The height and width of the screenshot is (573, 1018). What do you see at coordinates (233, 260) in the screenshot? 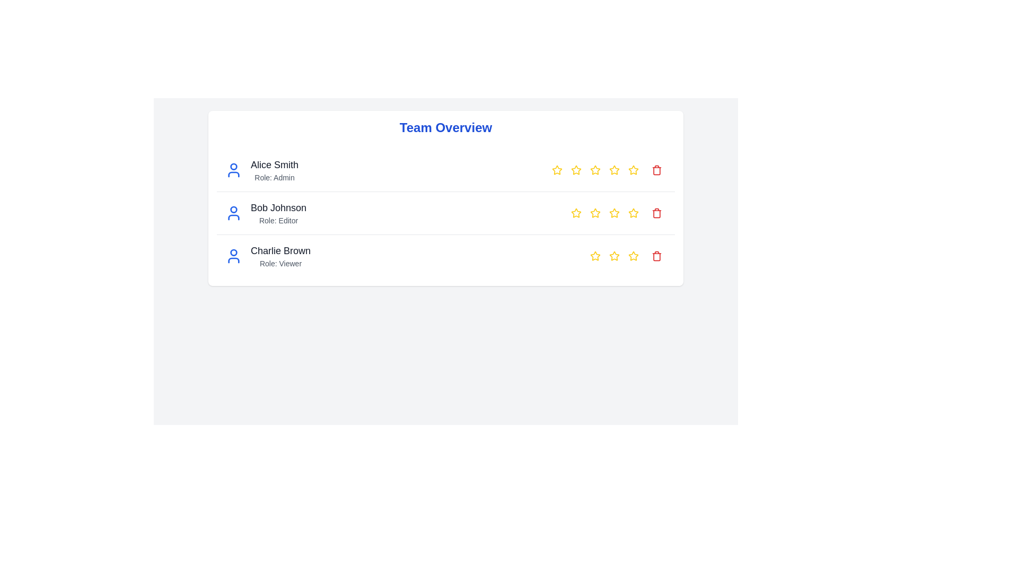
I see `the decorative vector graphic component representing the user 'Charlie Brown' located beneath the circular head of the icon in the avatar section` at bounding box center [233, 260].